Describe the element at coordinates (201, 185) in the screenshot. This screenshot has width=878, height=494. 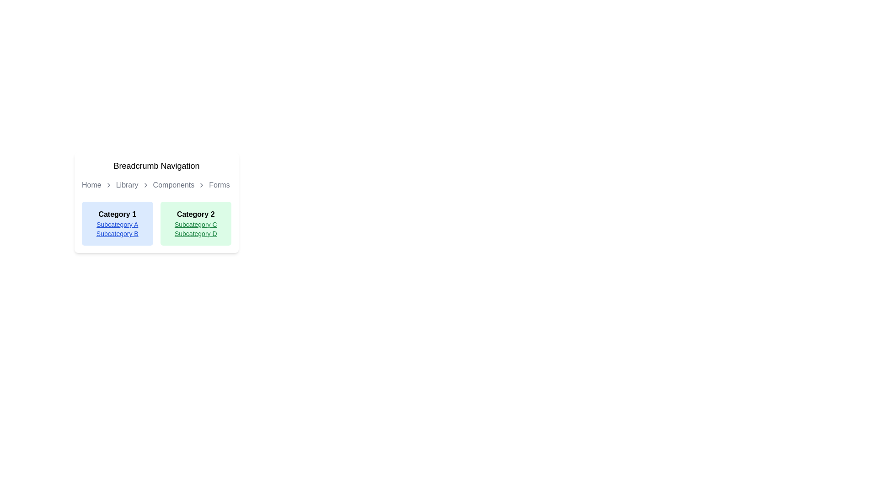
I see `the small chevron icon pointing to the right in the breadcrumb navigation bar, located between 'Components' and 'Forms'` at that location.